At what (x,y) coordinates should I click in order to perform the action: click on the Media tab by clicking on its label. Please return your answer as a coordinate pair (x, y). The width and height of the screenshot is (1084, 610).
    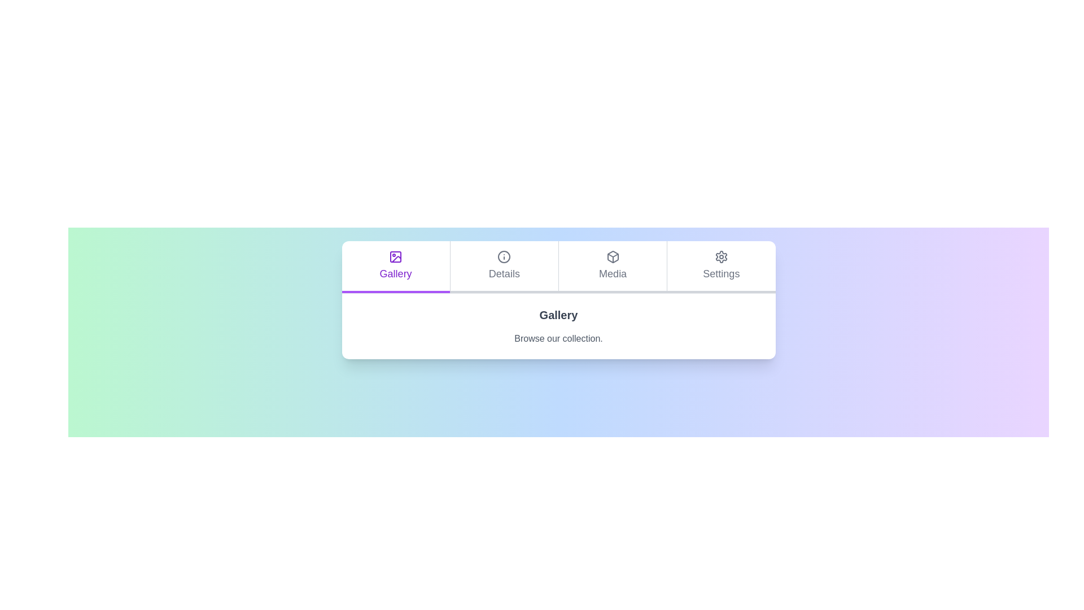
    Looking at the image, I should click on (612, 267).